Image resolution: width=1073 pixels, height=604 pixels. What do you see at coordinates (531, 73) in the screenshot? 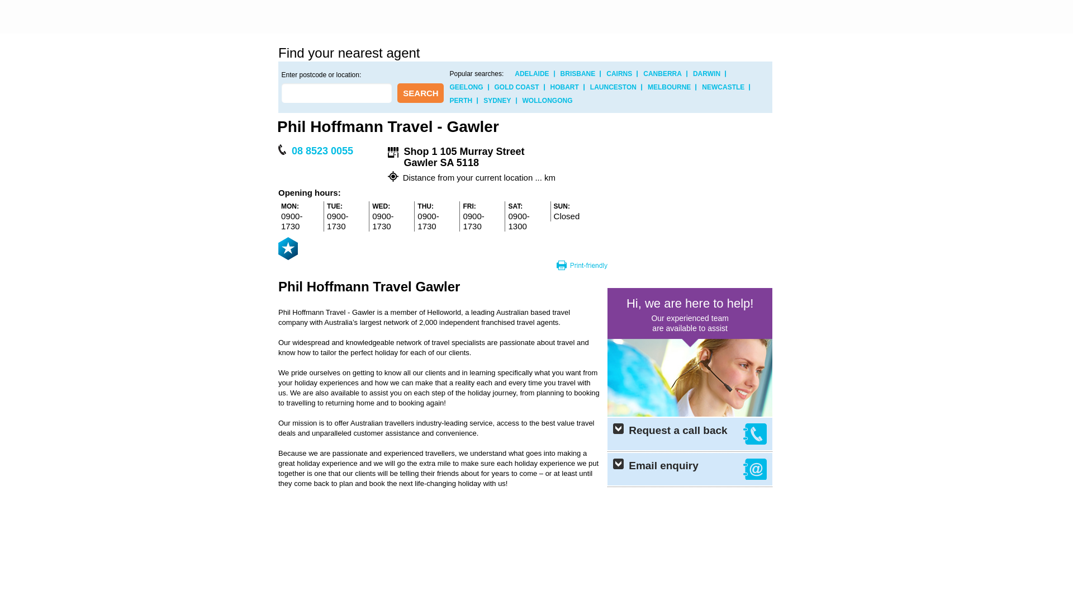
I see `'ADELAIDE'` at bounding box center [531, 73].